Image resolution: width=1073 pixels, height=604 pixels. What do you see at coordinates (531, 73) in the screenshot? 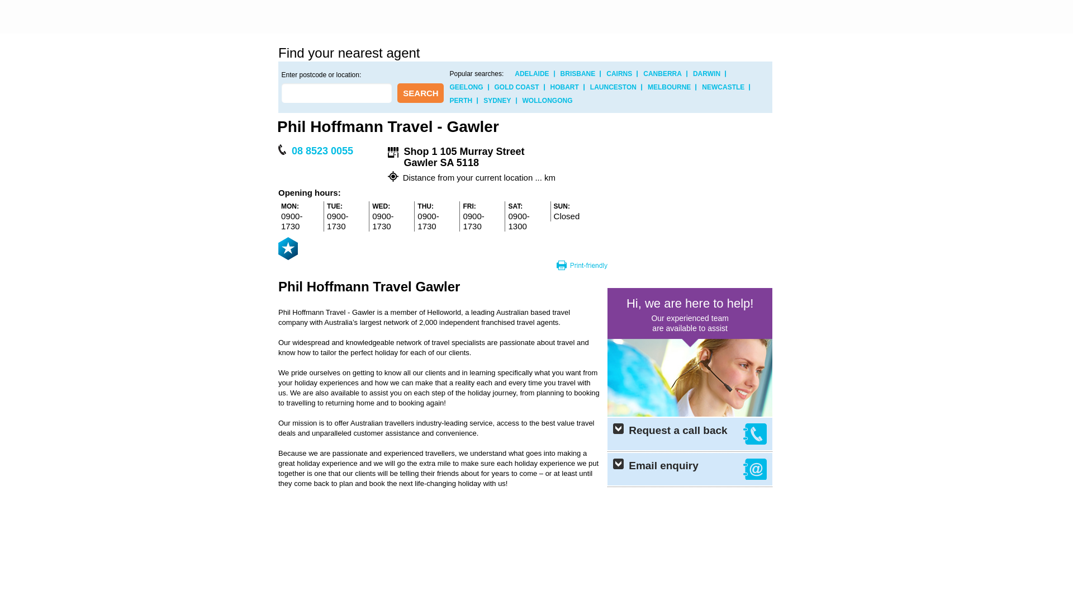
I see `'ADELAIDE'` at bounding box center [531, 73].